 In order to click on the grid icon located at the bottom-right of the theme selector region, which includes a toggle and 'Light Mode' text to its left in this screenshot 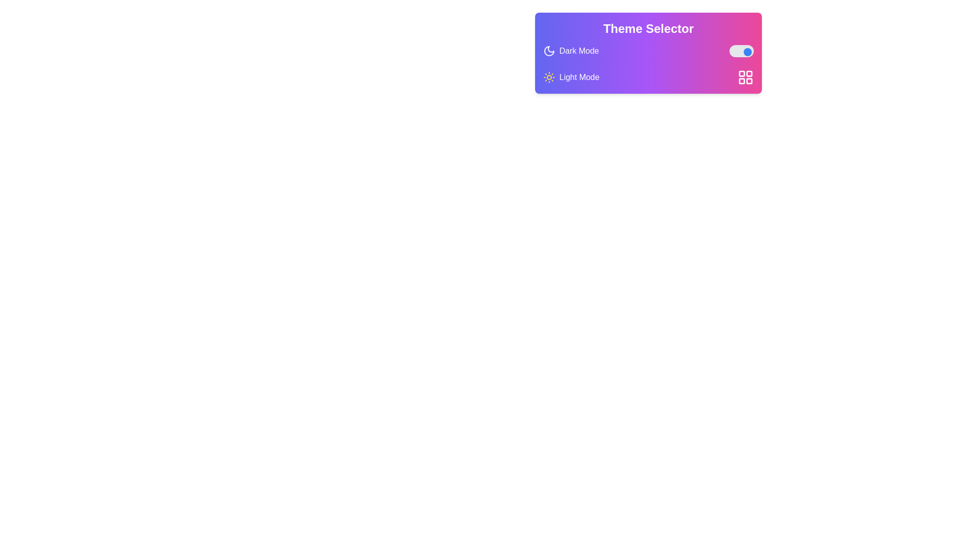, I will do `click(746, 77)`.